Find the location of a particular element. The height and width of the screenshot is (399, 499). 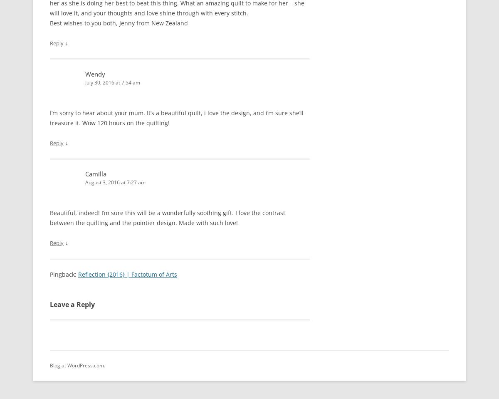

'Beautiful, indeed! I’m sure this will be a wonderfully soothing gift. I love the contrast between the quilting and the pointier design. Made with such love!' is located at coordinates (167, 217).